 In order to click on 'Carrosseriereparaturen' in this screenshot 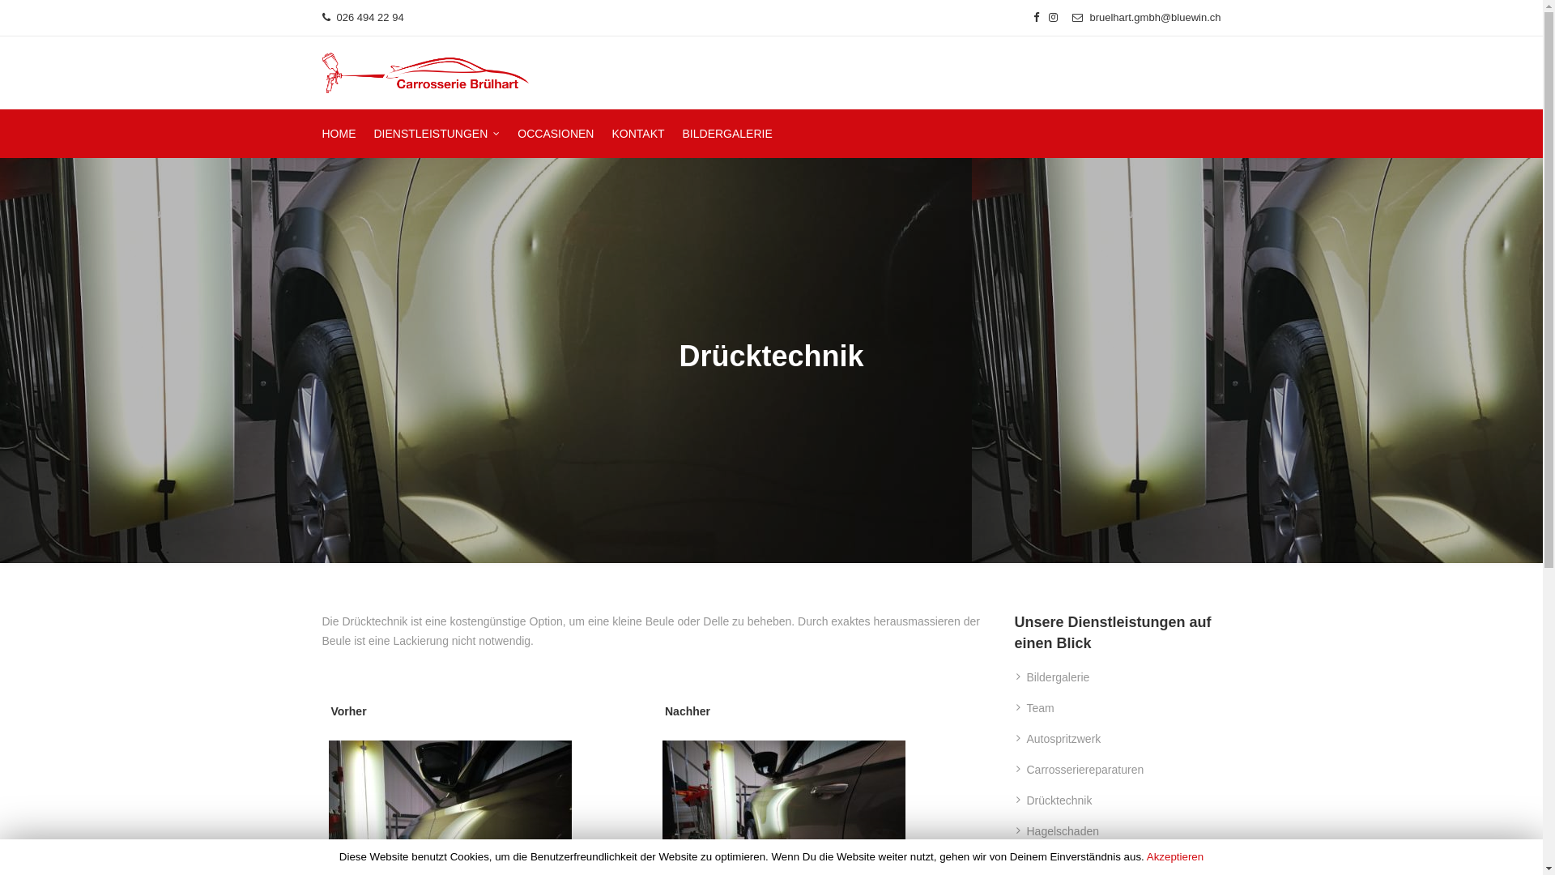, I will do `click(1025, 768)`.